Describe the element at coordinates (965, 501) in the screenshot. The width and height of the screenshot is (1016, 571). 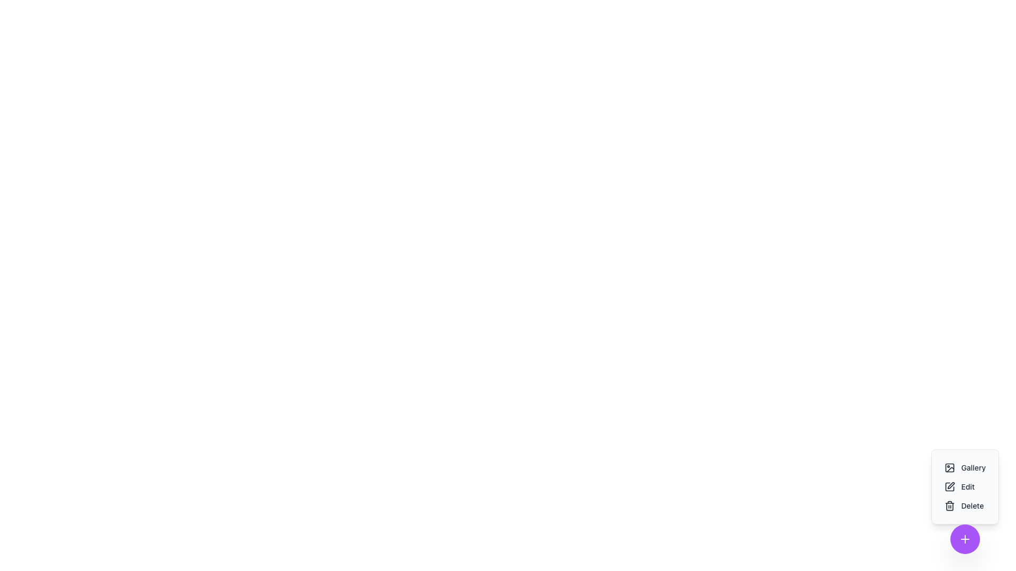
I see `the interactive delete button located below 'Gallery' and 'Edit' in the vertical list of options to prepare for keyboard interaction` at that location.